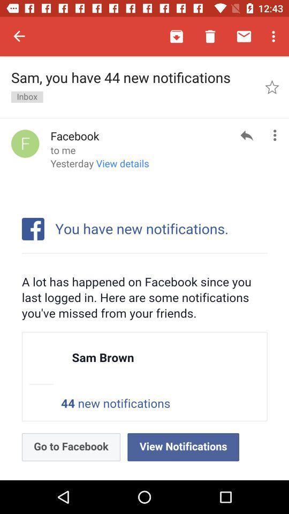 The image size is (289, 514). What do you see at coordinates (272, 86) in the screenshot?
I see `icon next to the sam you have item` at bounding box center [272, 86].